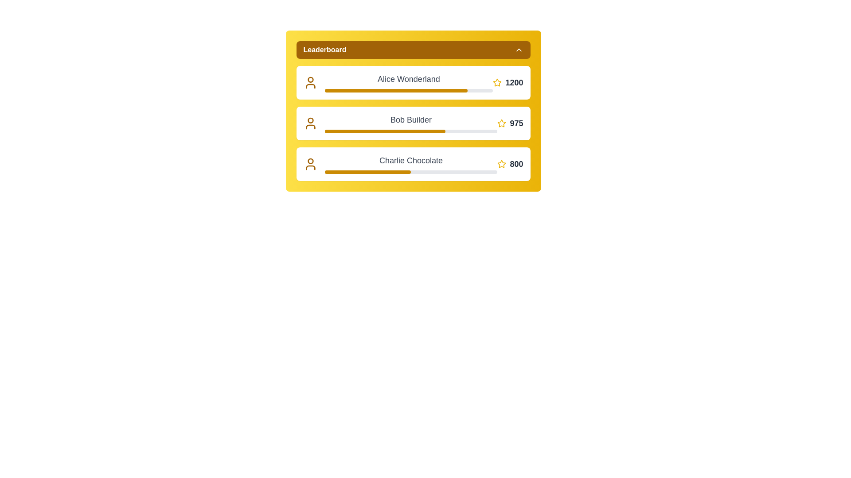 The image size is (851, 478). I want to click on the 'Leaderboard' static text label to read its content, which is prominently displayed in bold font within the leaderboard interface, so click(324, 50).